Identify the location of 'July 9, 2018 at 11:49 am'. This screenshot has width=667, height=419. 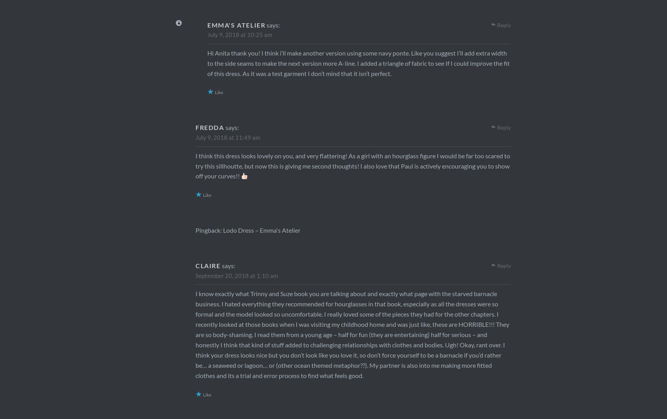
(227, 137).